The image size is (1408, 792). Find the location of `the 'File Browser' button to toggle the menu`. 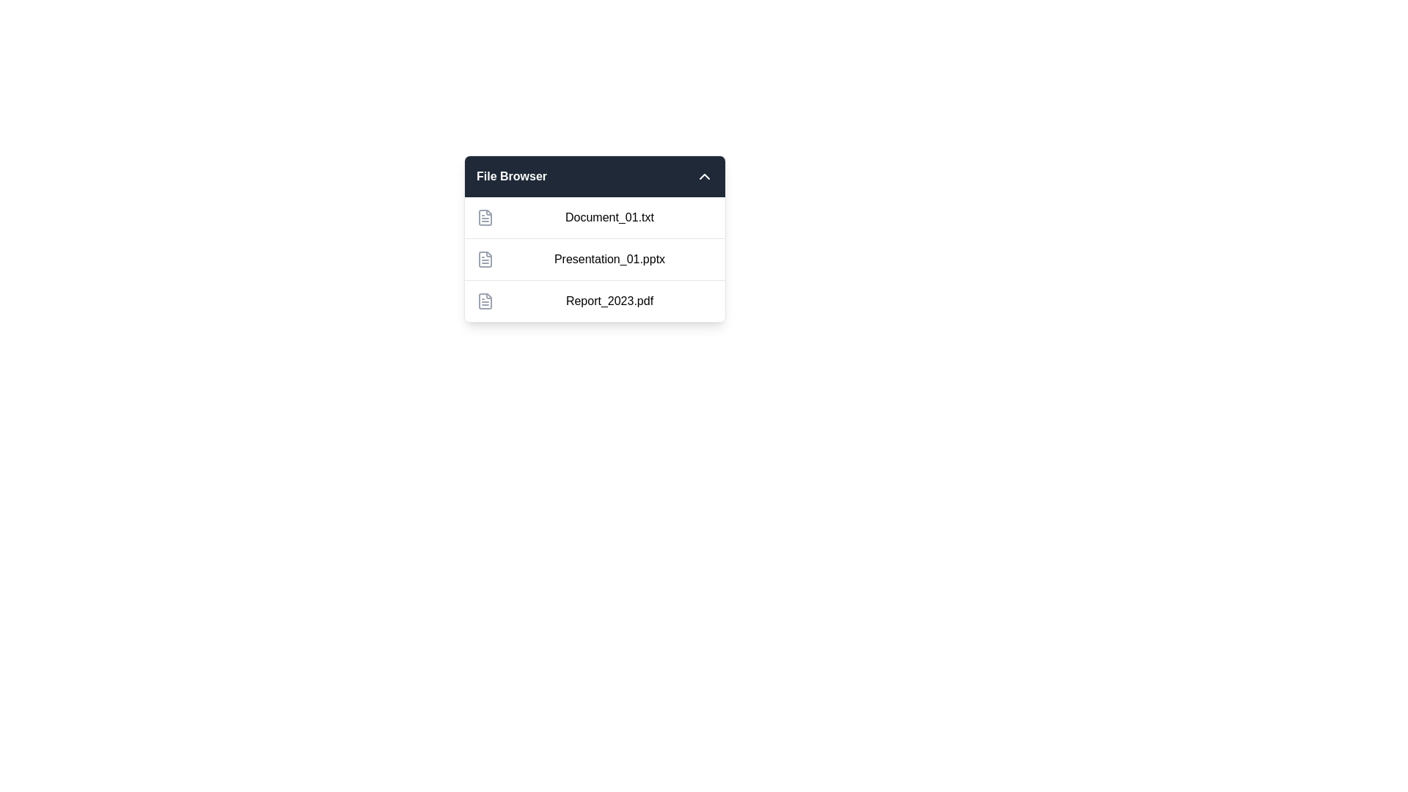

the 'File Browser' button to toggle the menu is located at coordinates (595, 175).